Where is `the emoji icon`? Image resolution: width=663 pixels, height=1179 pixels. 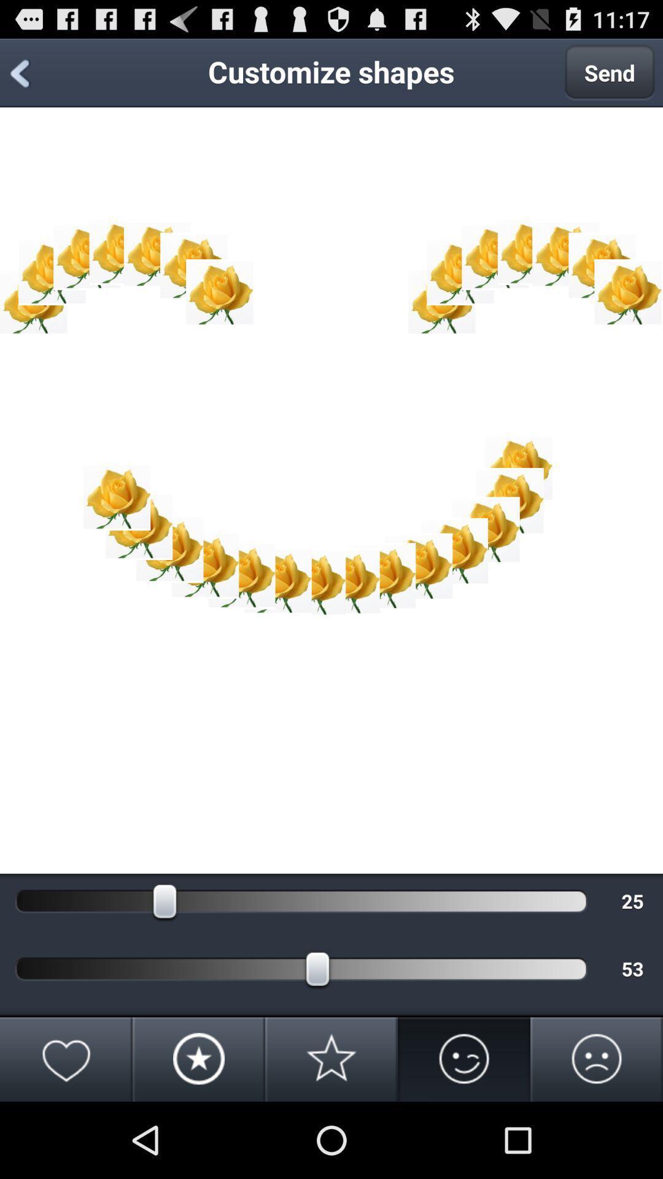 the emoji icon is located at coordinates (464, 1132).